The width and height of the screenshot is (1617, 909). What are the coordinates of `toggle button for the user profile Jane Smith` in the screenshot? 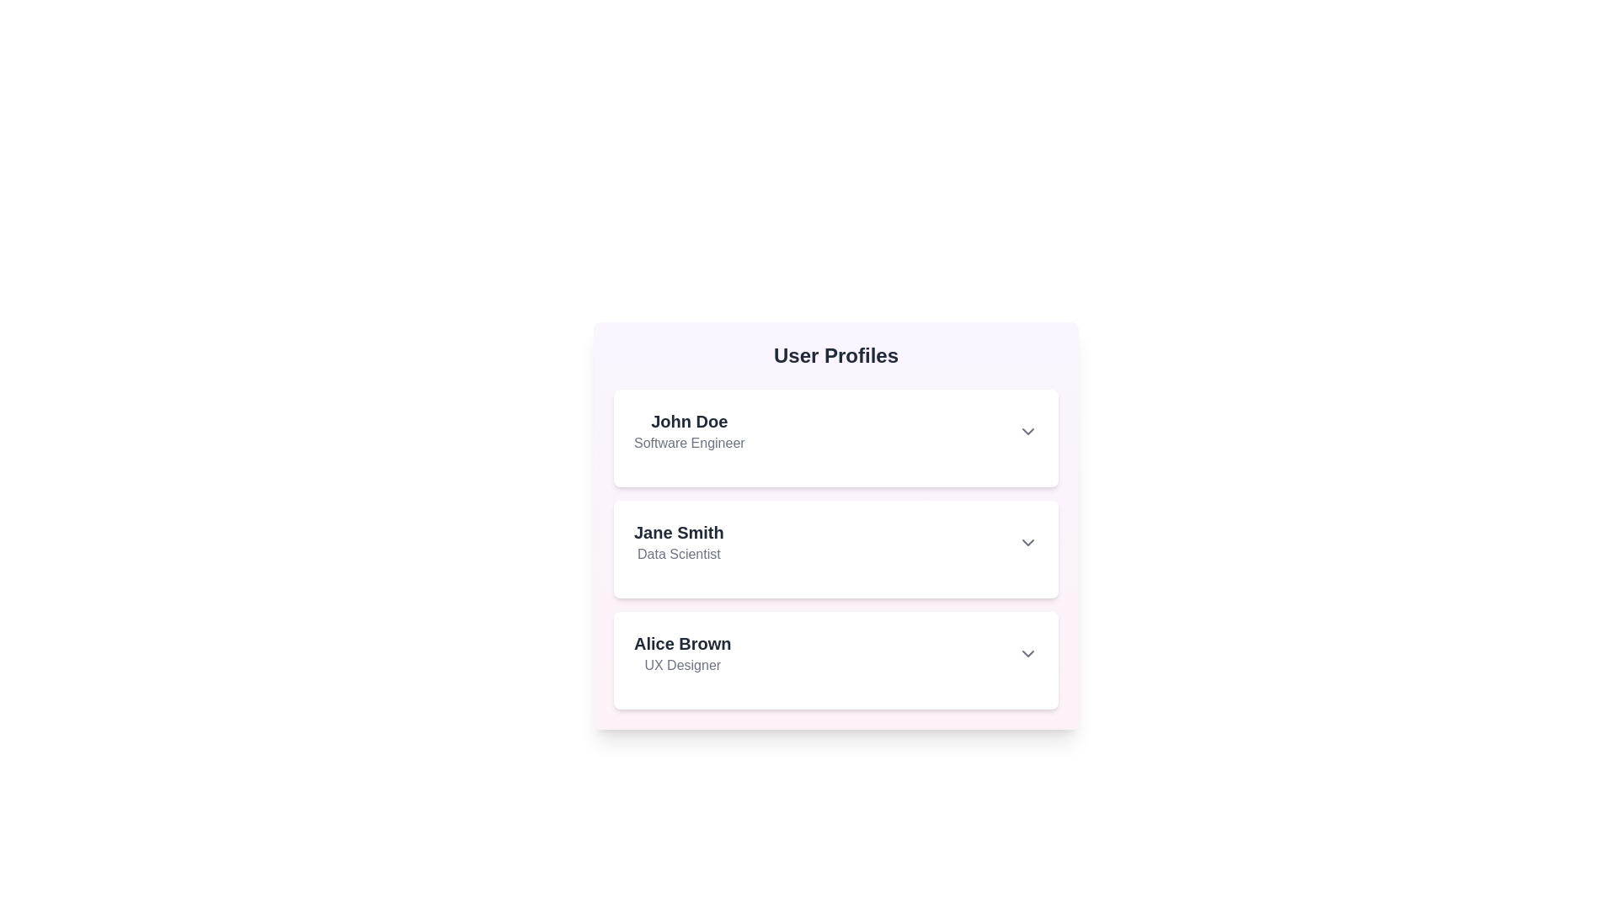 It's located at (1027, 542).